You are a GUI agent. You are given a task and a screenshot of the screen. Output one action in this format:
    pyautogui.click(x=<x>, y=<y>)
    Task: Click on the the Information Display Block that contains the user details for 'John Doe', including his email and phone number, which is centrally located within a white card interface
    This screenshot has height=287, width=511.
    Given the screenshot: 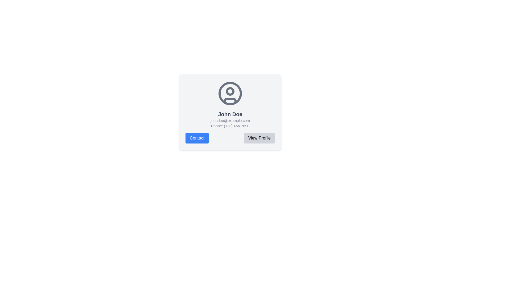 What is the action you would take?
    pyautogui.click(x=230, y=104)
    